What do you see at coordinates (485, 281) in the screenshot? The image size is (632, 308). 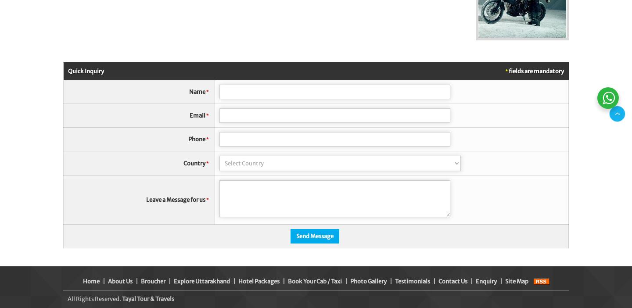 I see `'Enquiry'` at bounding box center [485, 281].